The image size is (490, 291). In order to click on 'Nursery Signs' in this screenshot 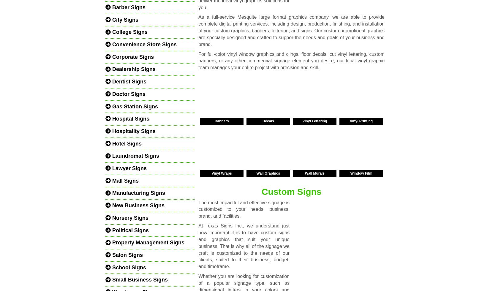, I will do `click(129, 218)`.